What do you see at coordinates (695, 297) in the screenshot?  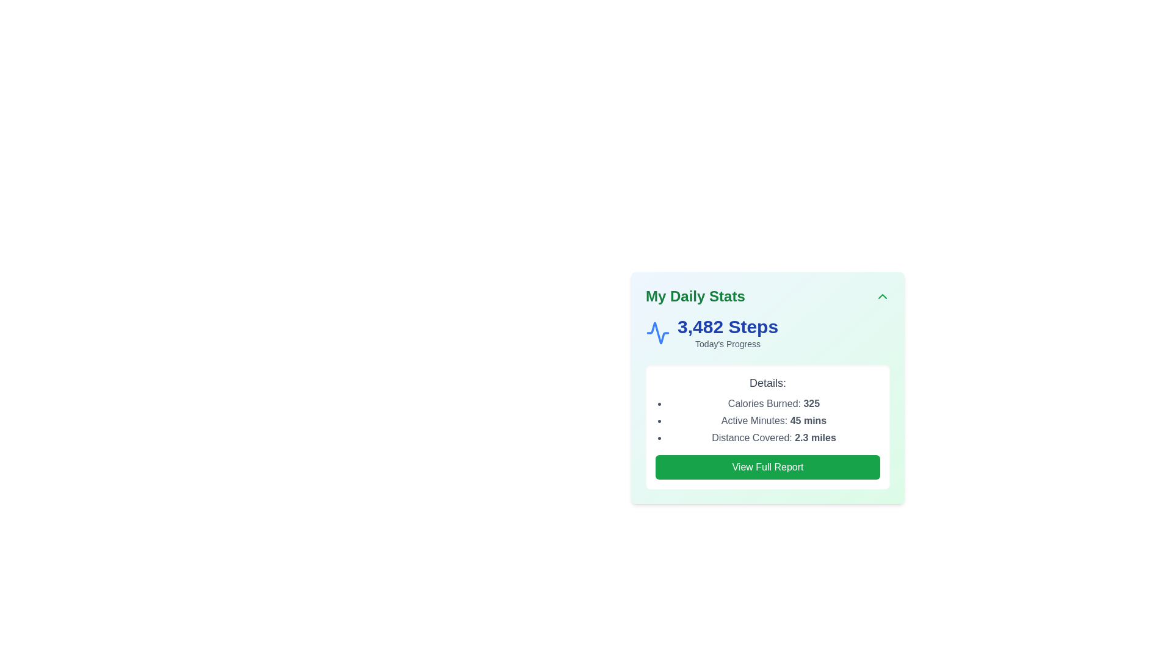 I see `the heading or label that provides an overview of daily statistics, located in the top-left part of a light-colored card` at bounding box center [695, 297].